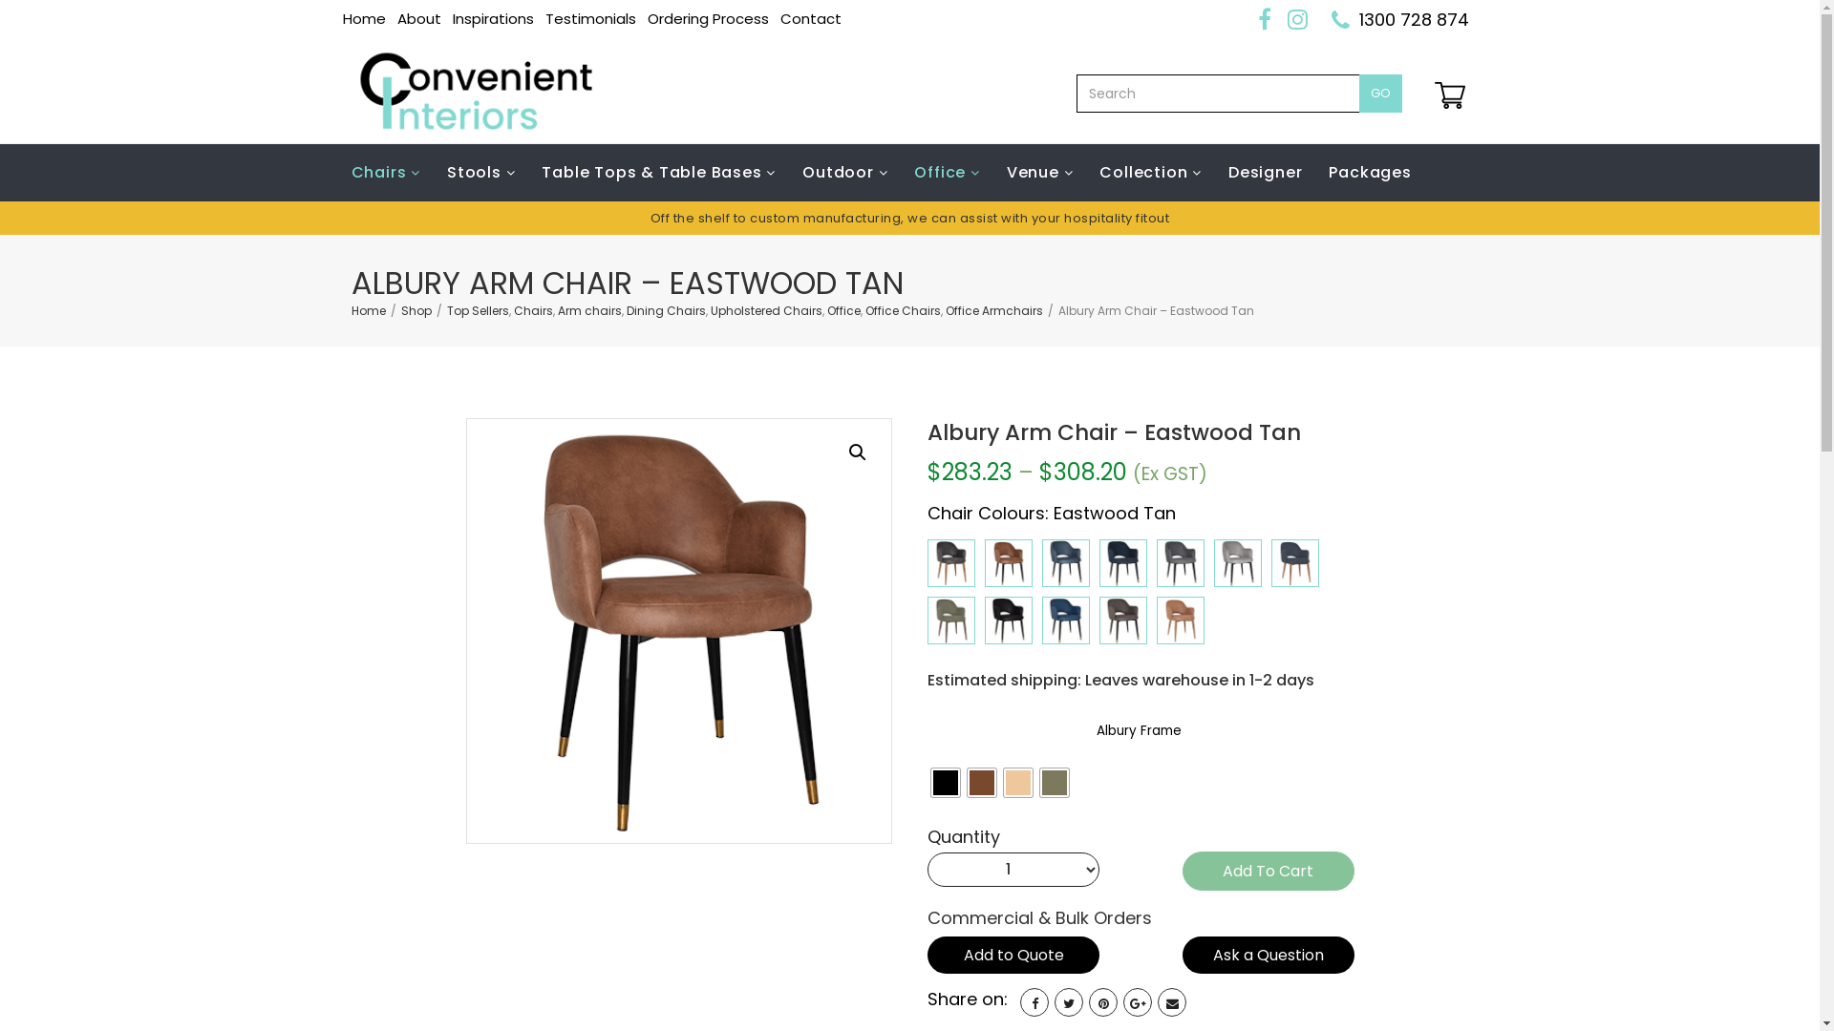 The width and height of the screenshot is (1834, 1031). Describe the element at coordinates (416, 309) in the screenshot. I see `'Shop'` at that location.